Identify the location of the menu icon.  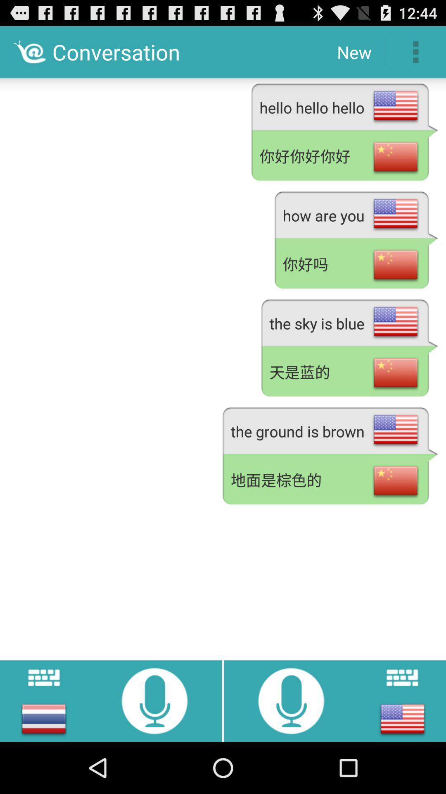
(44, 769).